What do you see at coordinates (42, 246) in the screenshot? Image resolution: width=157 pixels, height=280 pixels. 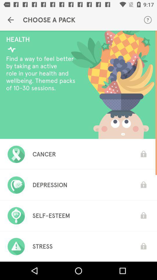 I see `the icon below the self-esteem icon` at bounding box center [42, 246].